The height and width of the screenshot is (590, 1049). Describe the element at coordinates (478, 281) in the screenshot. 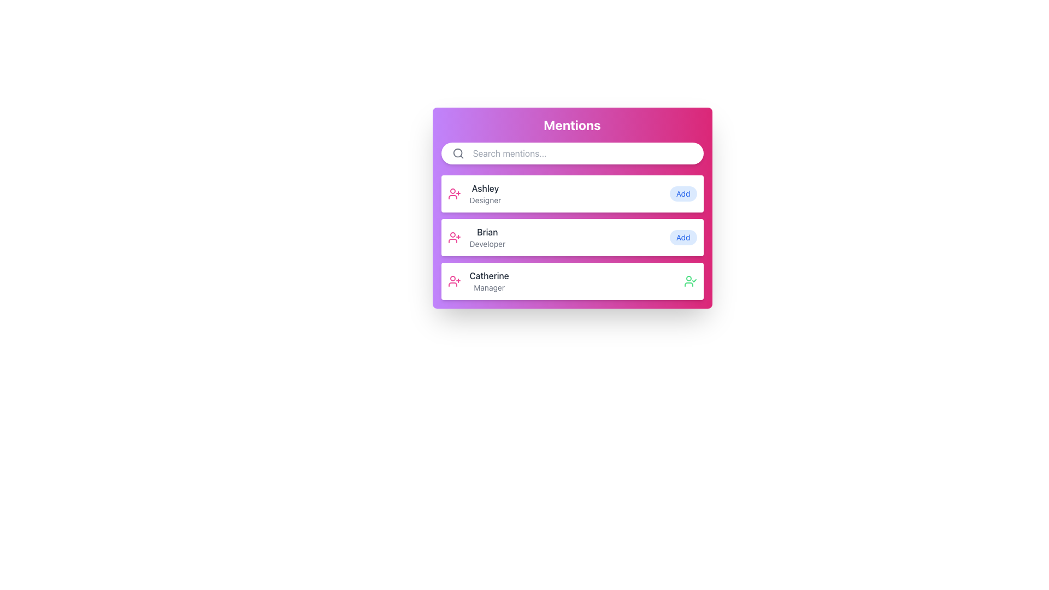

I see `the list item entry representing the user 'Catherine', who is identified as a 'Manager', located in a vertical list under 'Ashley Designer' and 'Brian Developer'` at that location.